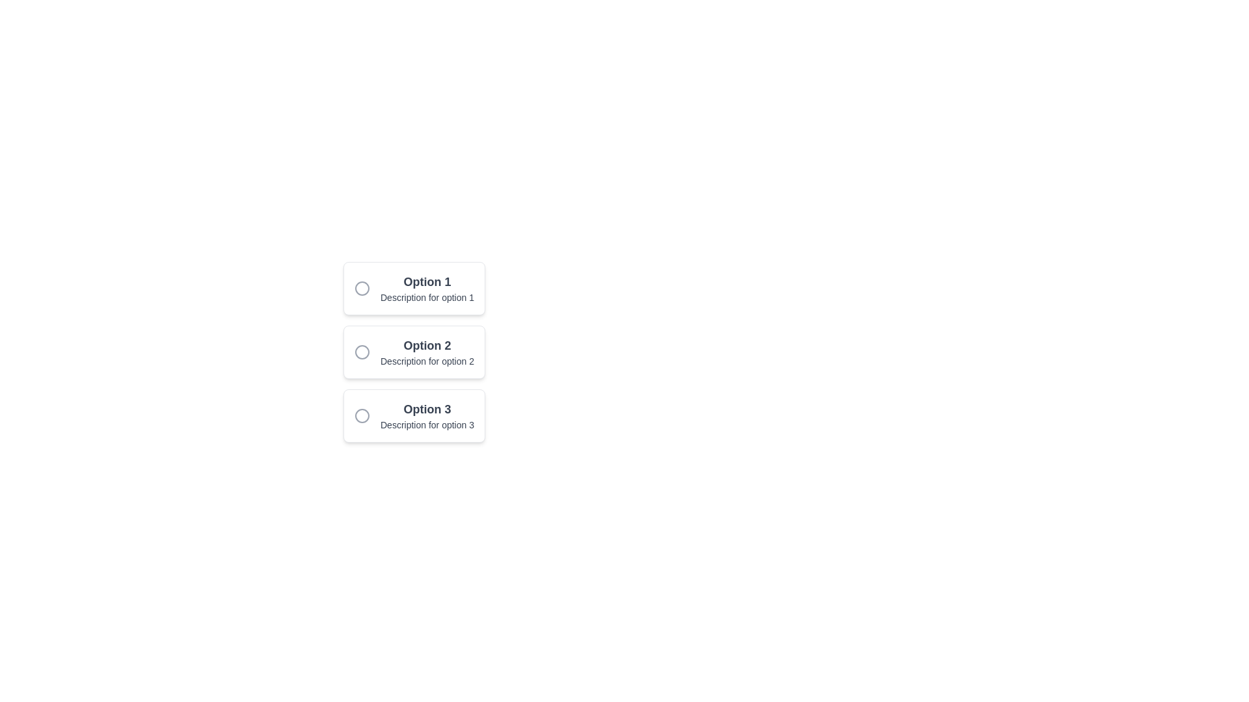 Image resolution: width=1249 pixels, height=702 pixels. Describe the element at coordinates (427, 425) in the screenshot. I see `the label that provides a textual description for 'Option 3', located beneath it in the multi-option layout` at that location.